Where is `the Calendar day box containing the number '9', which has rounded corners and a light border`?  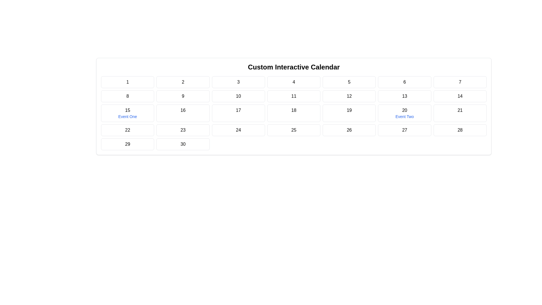
the Calendar day box containing the number '9', which has rounded corners and a light border is located at coordinates (183, 96).